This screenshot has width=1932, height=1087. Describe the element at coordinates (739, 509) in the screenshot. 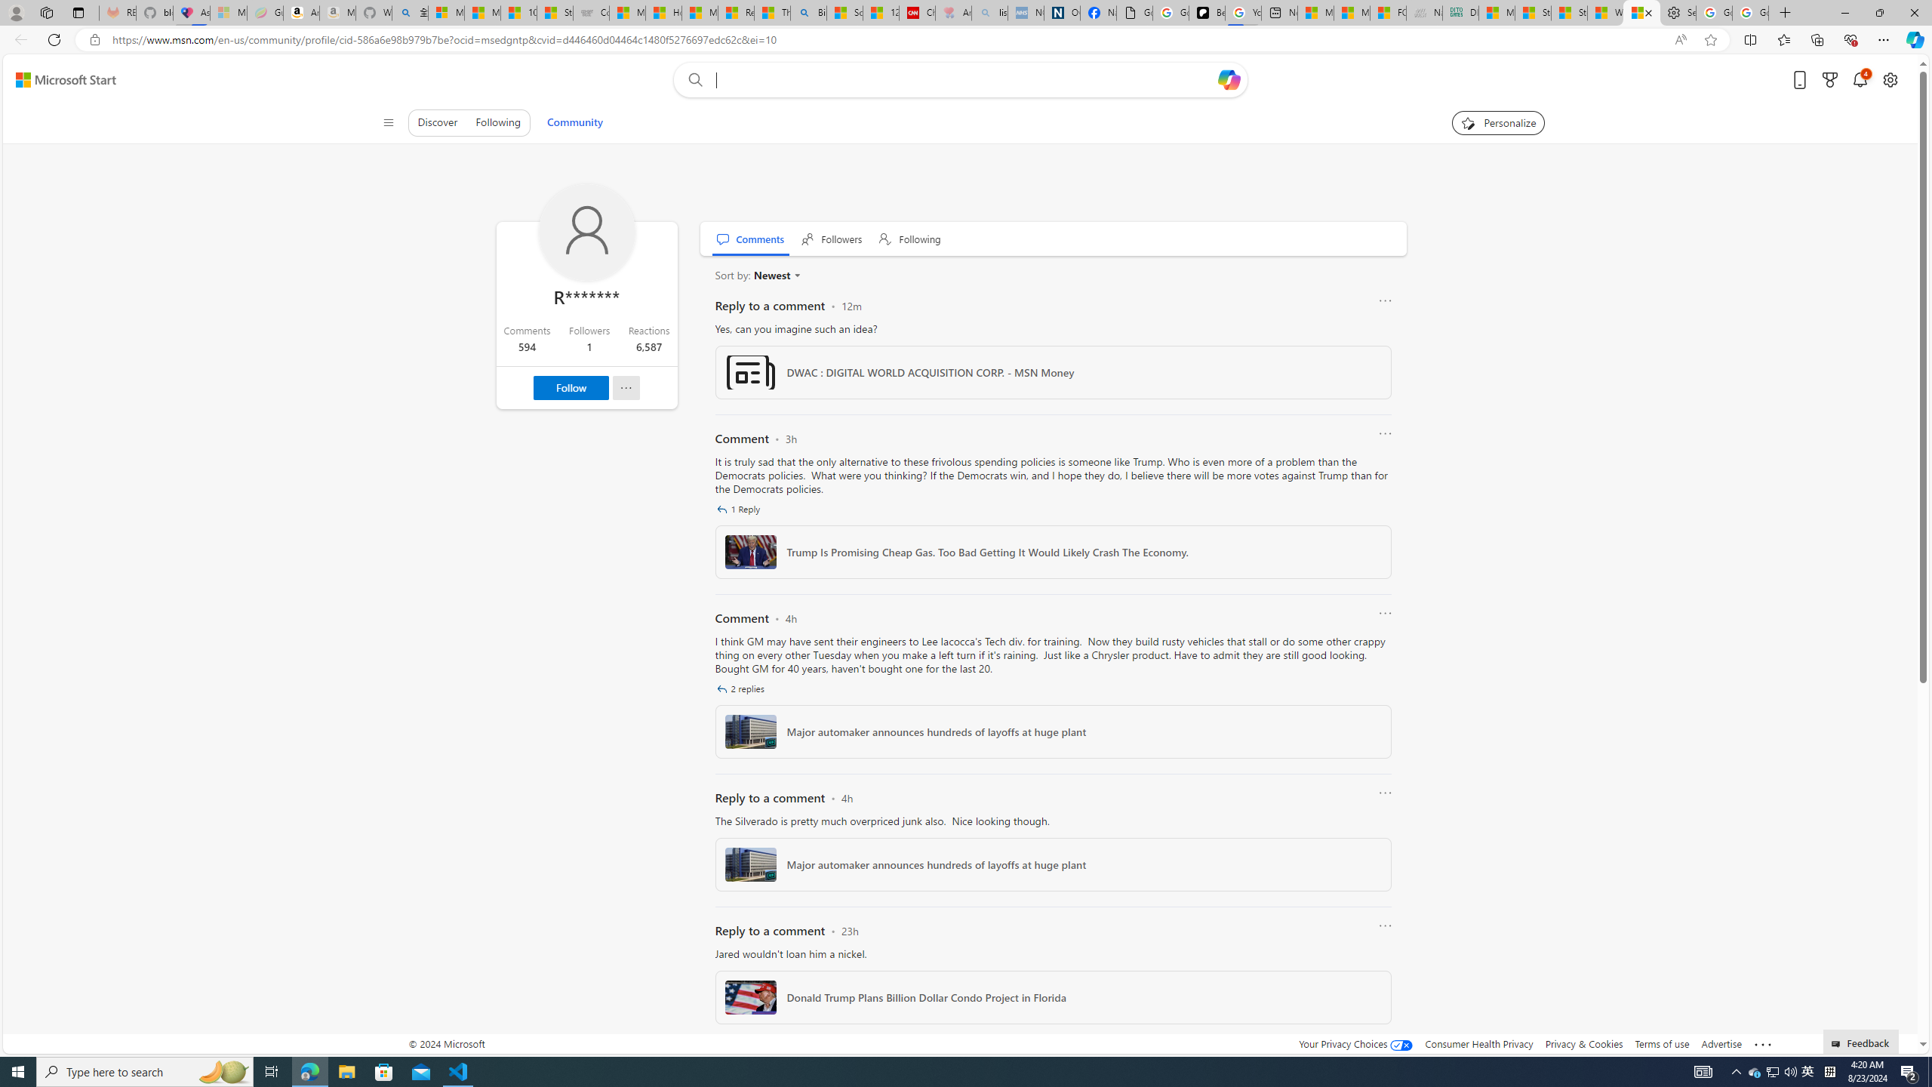

I see `'1 Reply'` at that location.